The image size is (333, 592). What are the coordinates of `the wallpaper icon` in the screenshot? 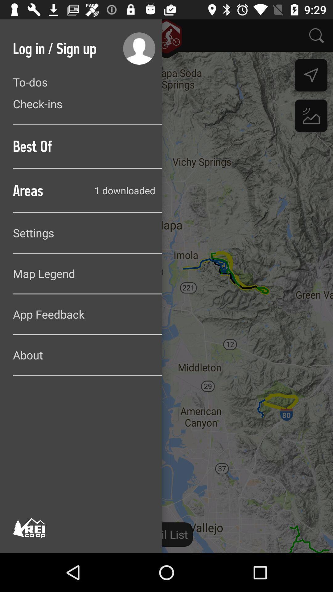 It's located at (311, 117).